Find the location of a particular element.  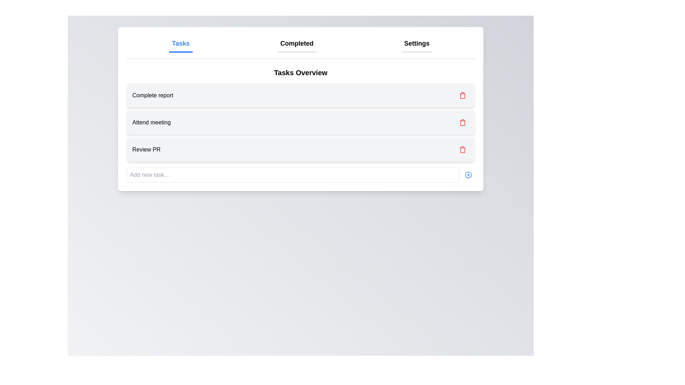

the circular submit button located to the right of the 'Add new task...' input field in the 'Tasks Overview' panel is located at coordinates (468, 175).